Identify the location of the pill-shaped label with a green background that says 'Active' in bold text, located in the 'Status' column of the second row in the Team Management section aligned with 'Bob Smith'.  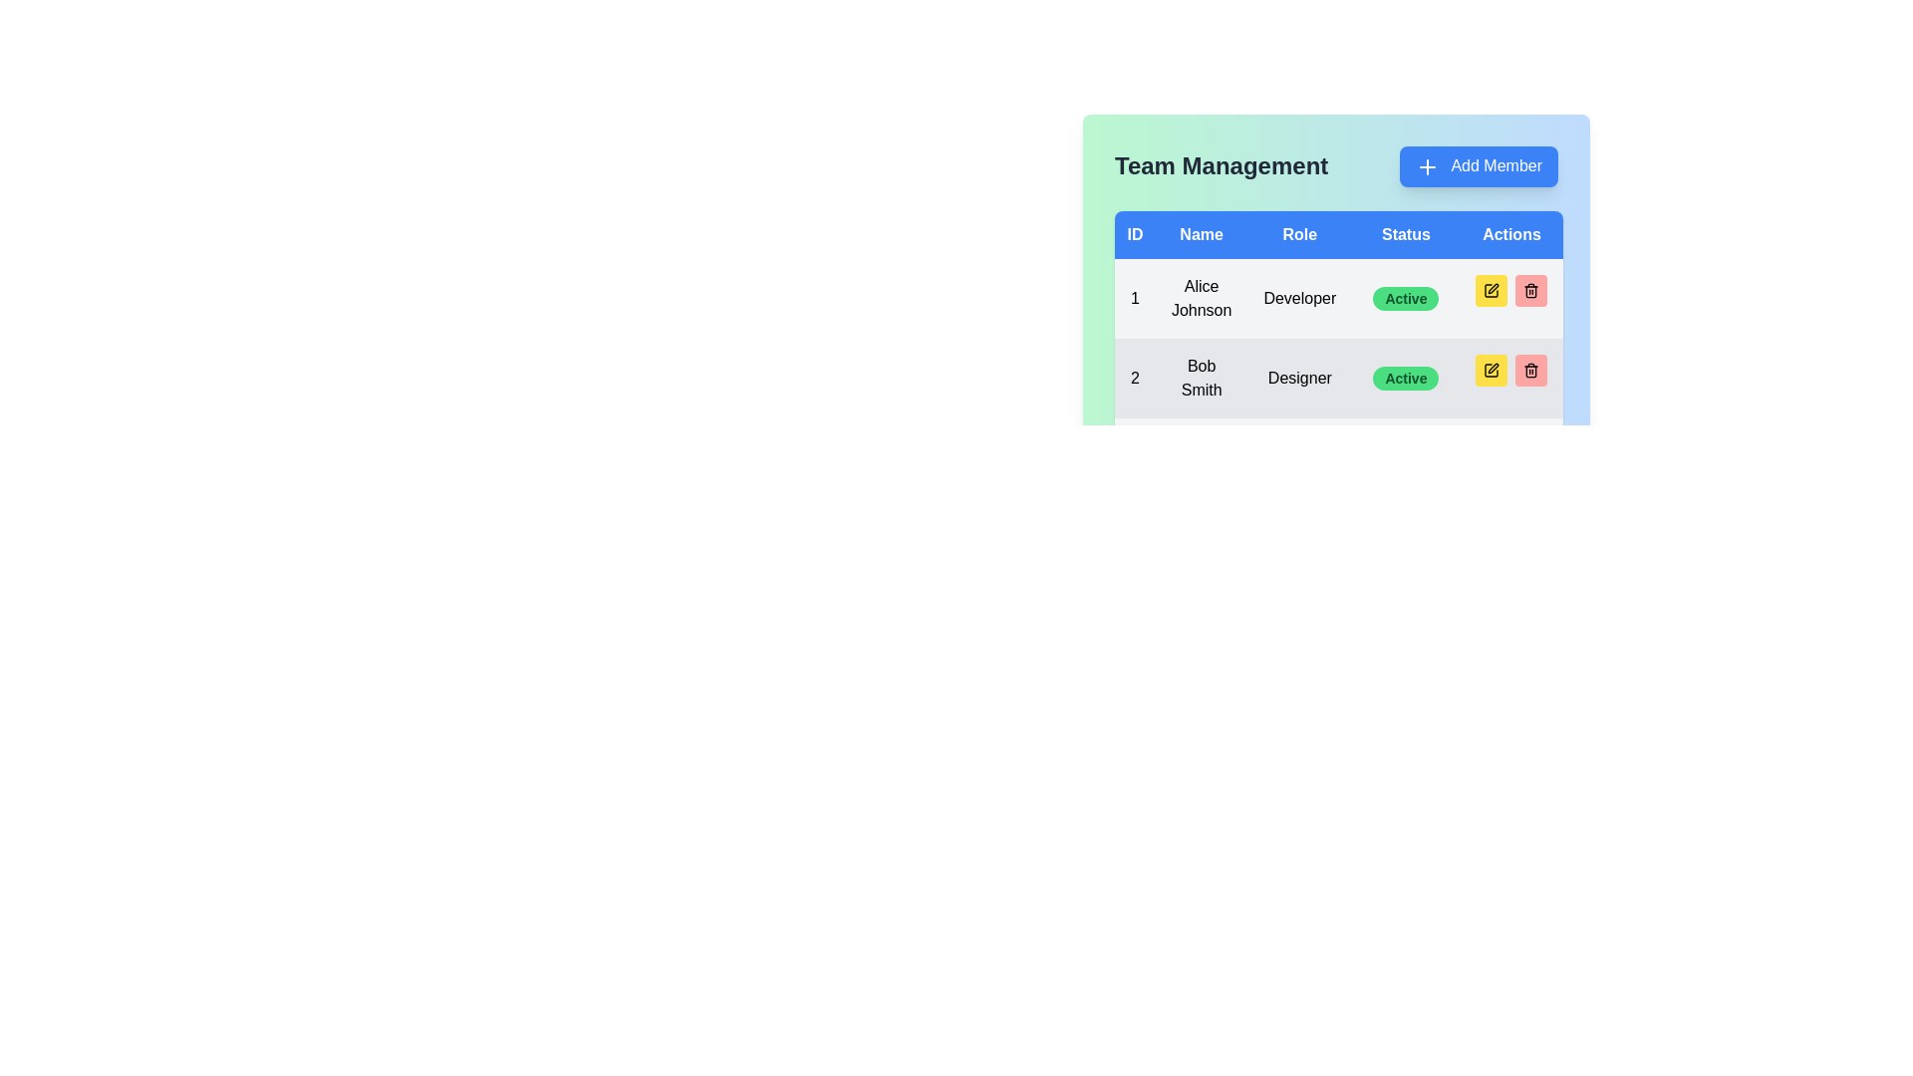
(1405, 378).